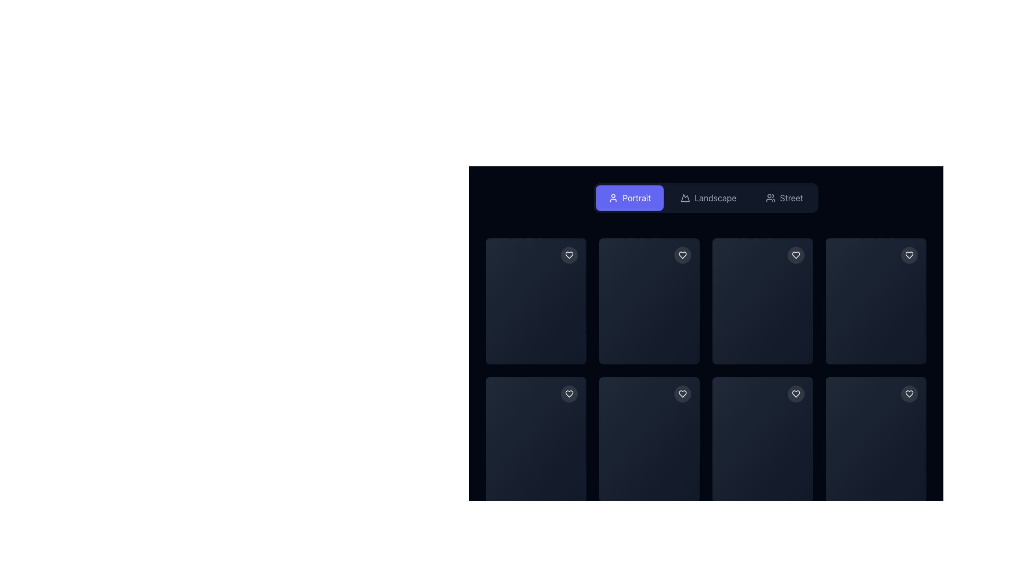  What do you see at coordinates (685, 198) in the screenshot?
I see `the visual representation of the mountain peak icon located in the 'Landscape' button section, adjacent to the 'Landscape' text label in the navigation bar` at bounding box center [685, 198].